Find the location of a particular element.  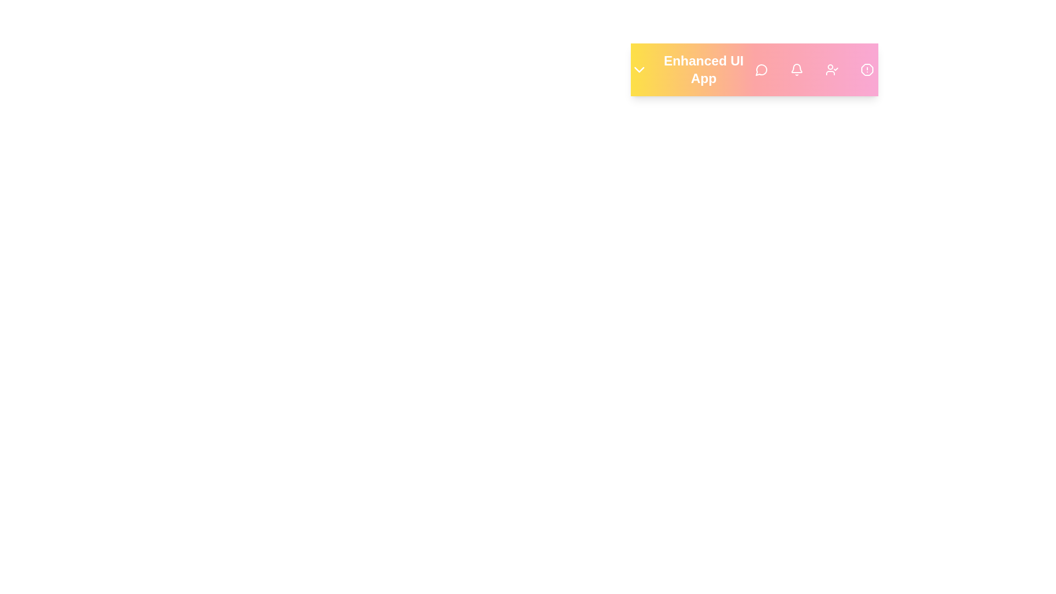

the 'Profile' button to access user profile settings is located at coordinates (832, 70).